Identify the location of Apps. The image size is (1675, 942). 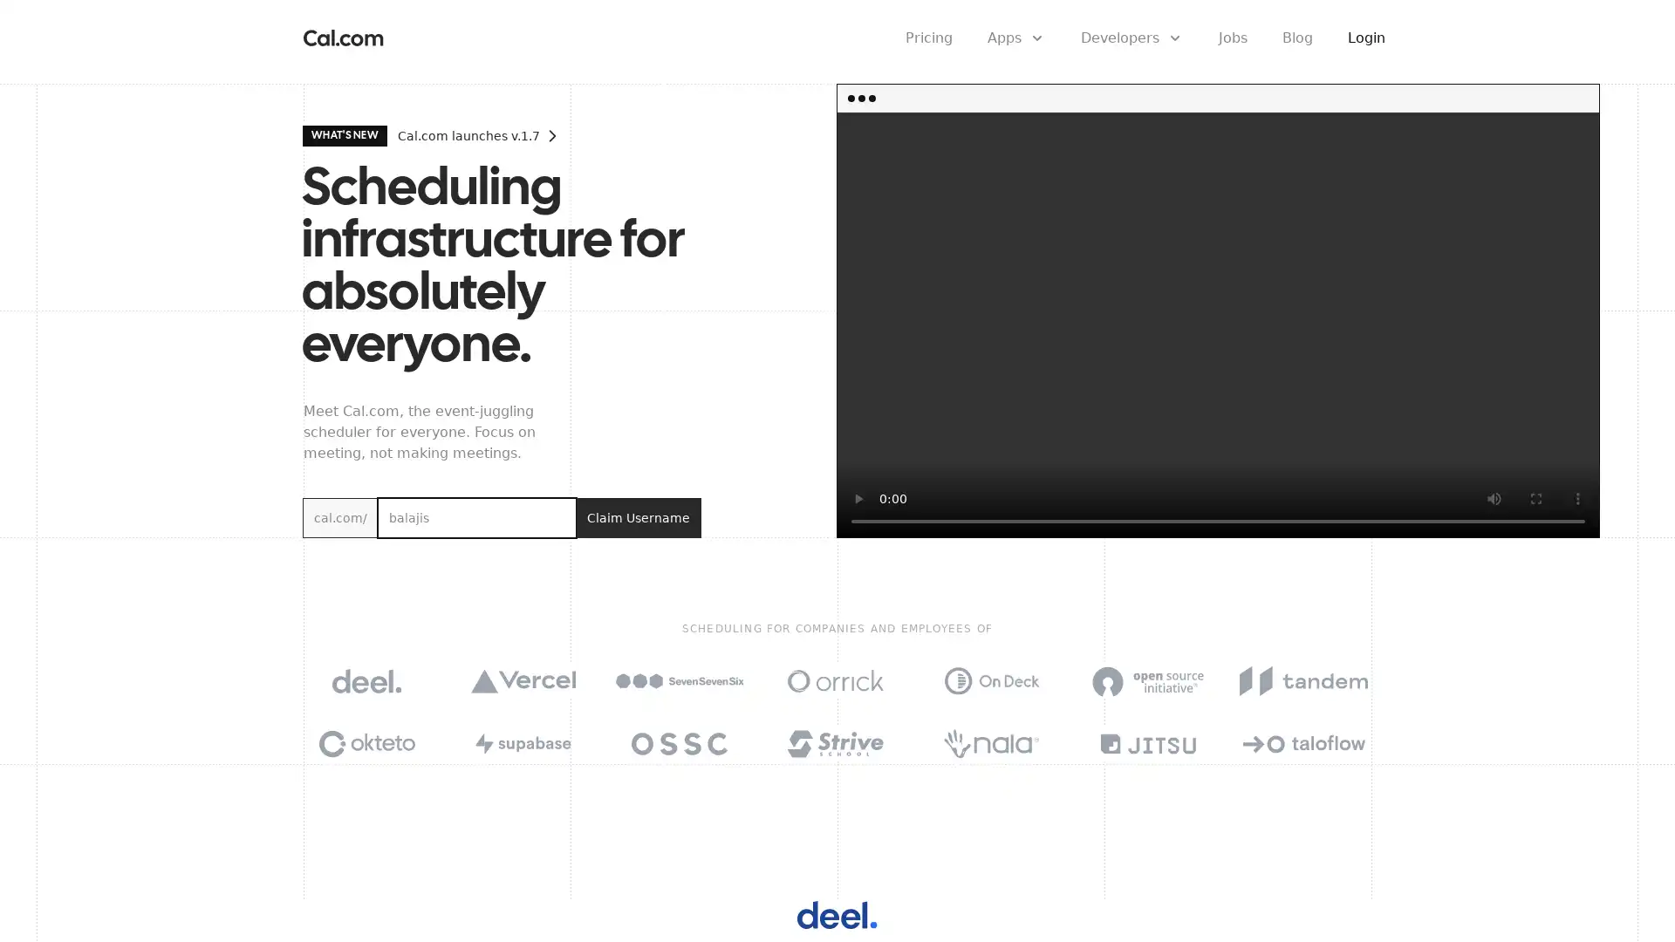
(1016, 38).